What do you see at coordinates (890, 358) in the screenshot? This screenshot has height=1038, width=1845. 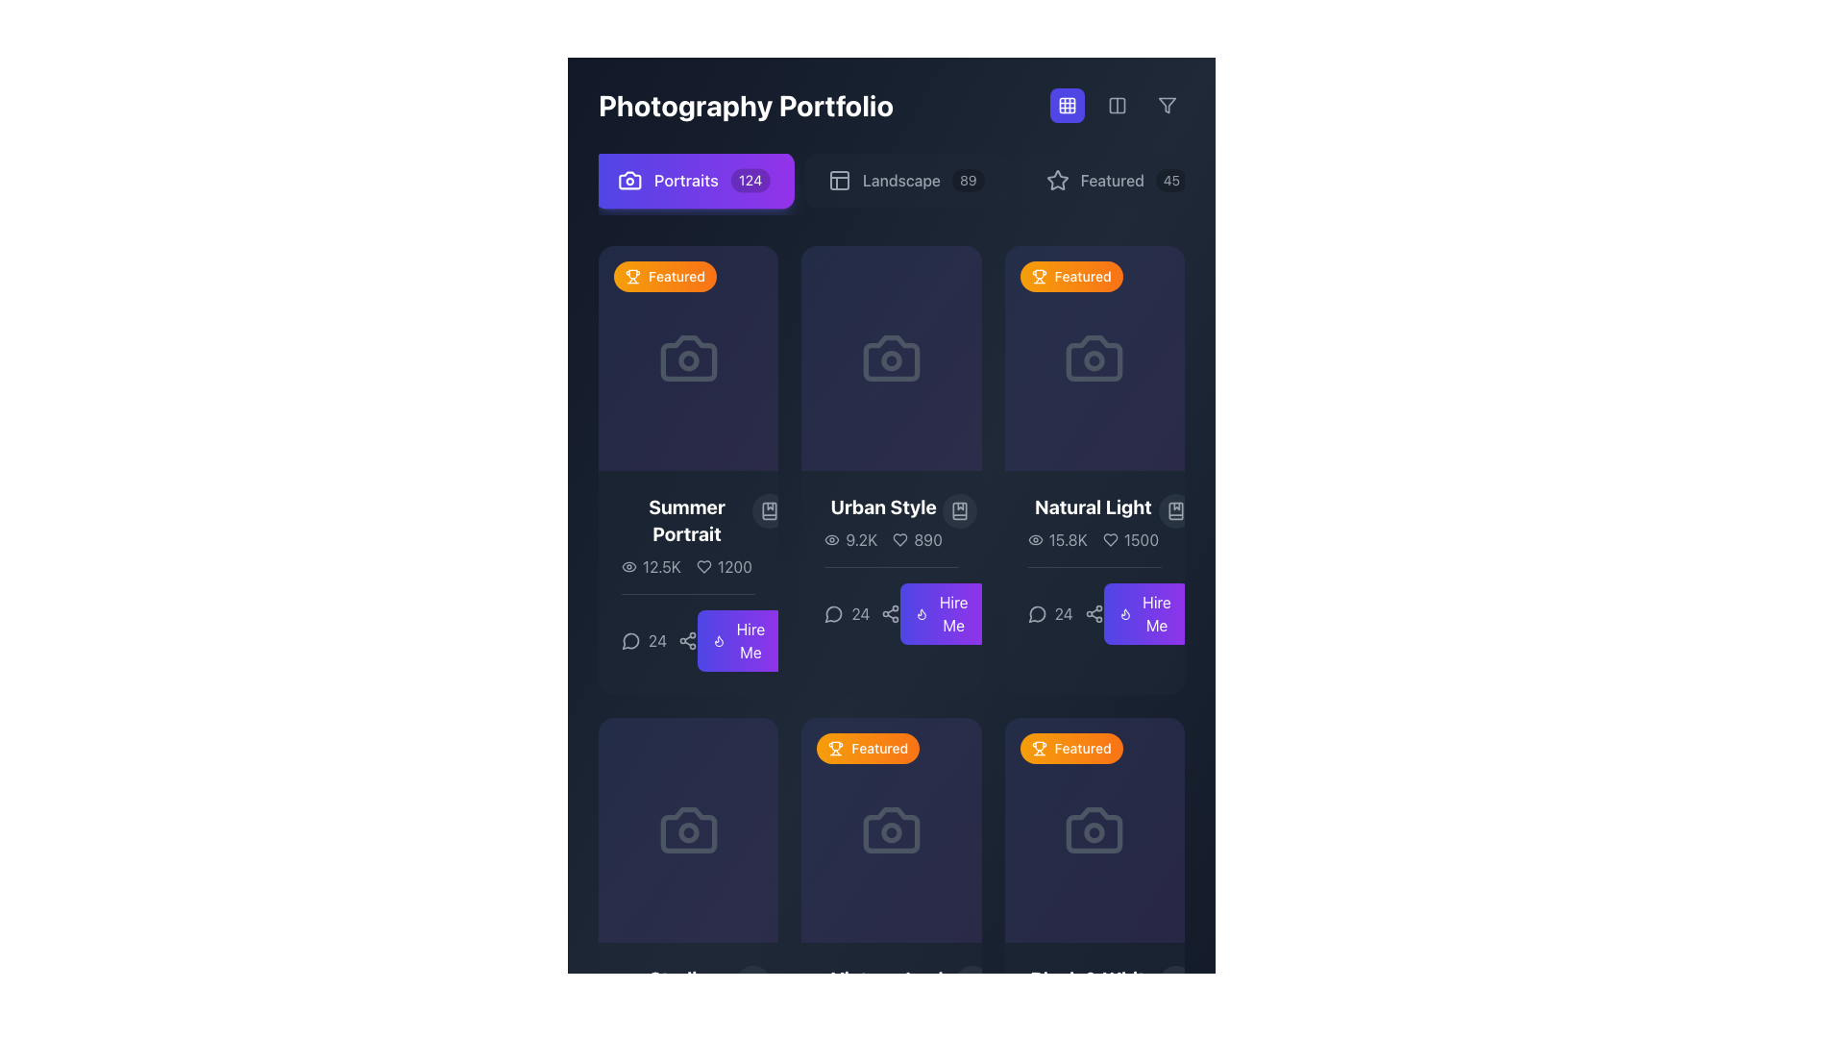 I see `the photography-related icon in the second column of the top row within the 'Urban Style' section, located beneath the 'Featured' label` at bounding box center [890, 358].